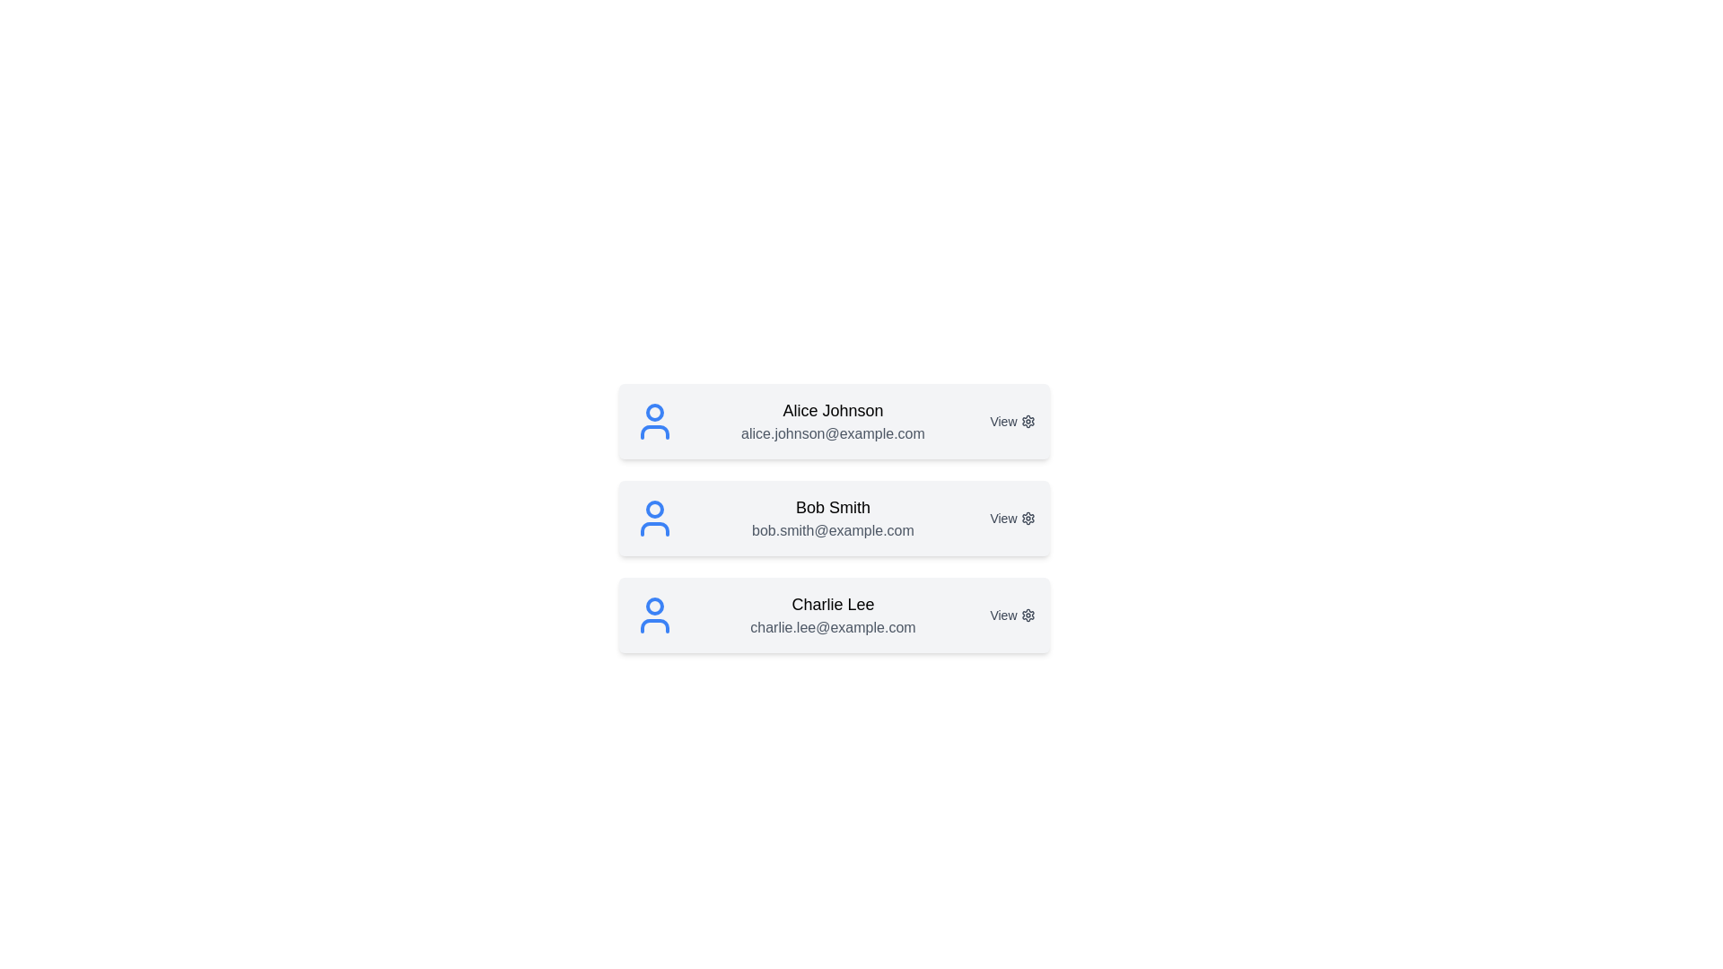 The height and width of the screenshot is (969, 1723). Describe the element at coordinates (1028, 519) in the screenshot. I see `the gear/settings icon located to the right of the 'View' text associated with the user entry for 'Bob Smith'` at that location.